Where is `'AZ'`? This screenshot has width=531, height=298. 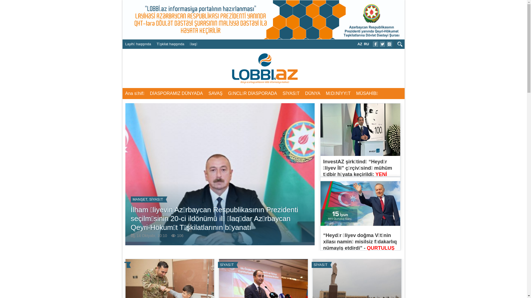
'AZ' is located at coordinates (360, 44).